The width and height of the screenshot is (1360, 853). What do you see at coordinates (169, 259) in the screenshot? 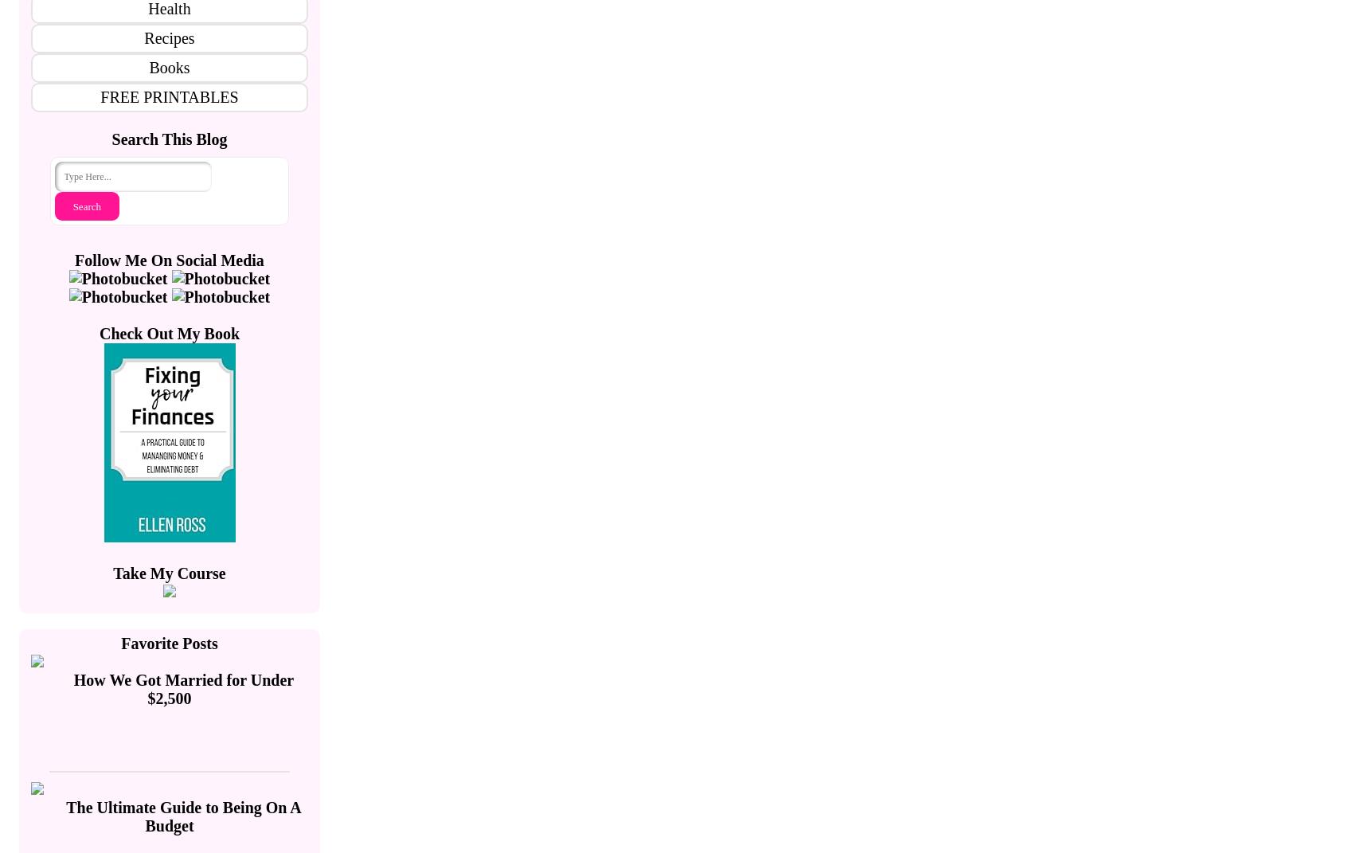
I see `'Follow Me On Social Media'` at bounding box center [169, 259].